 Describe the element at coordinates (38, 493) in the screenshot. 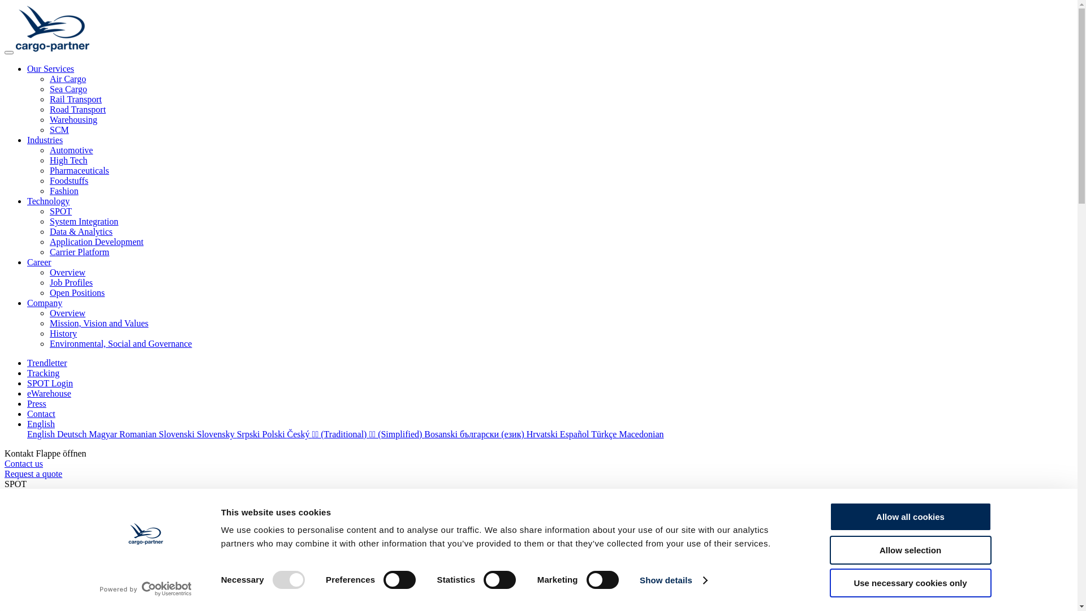

I see `'LOG IN TO SPOT'` at that location.